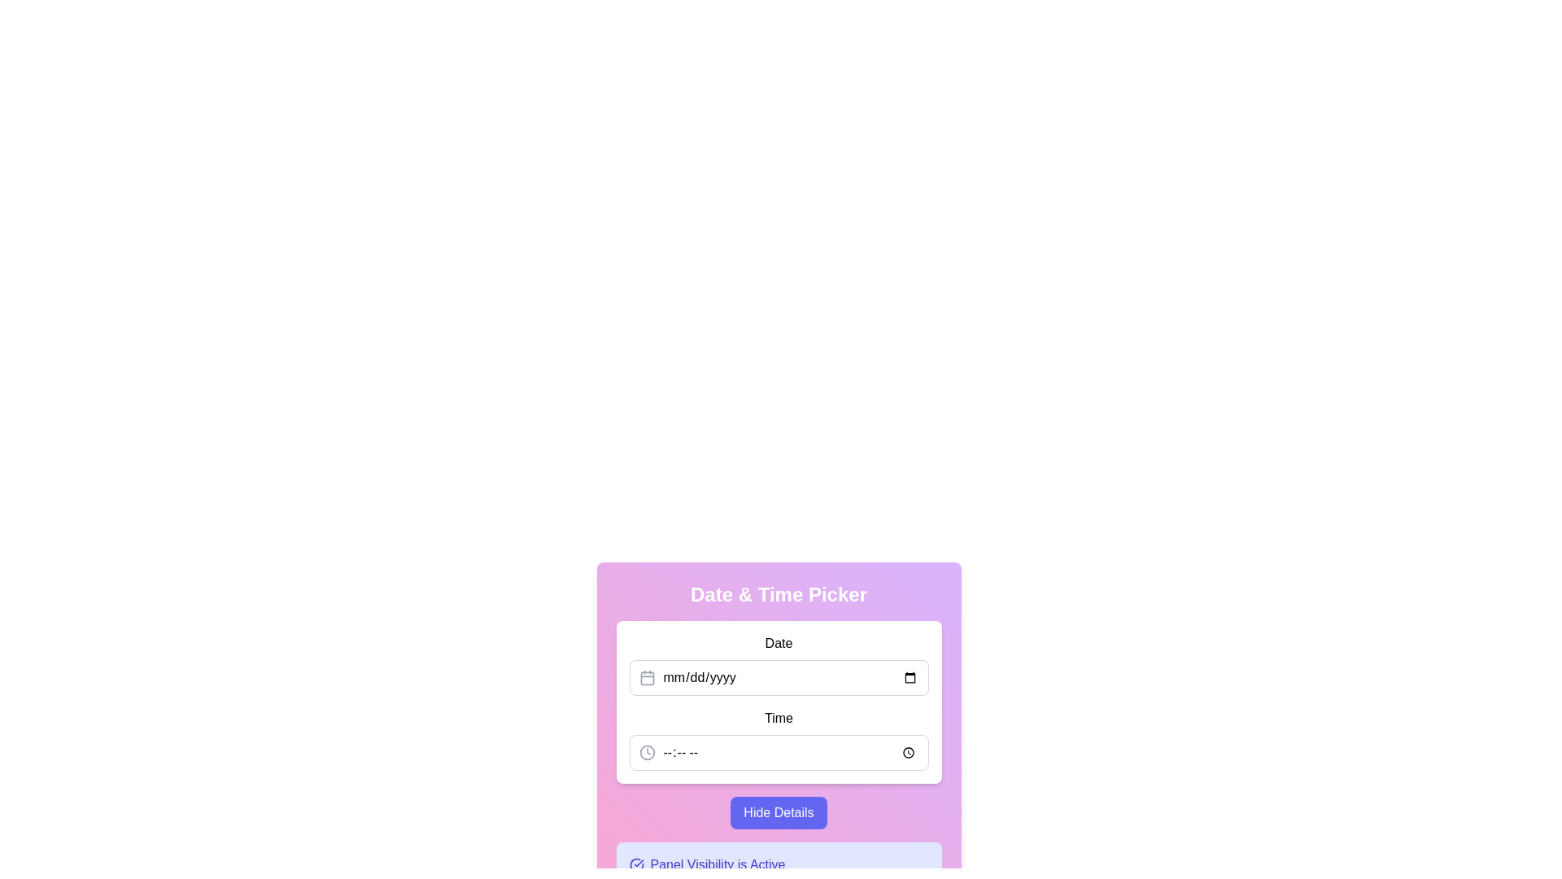 The width and height of the screenshot is (1562, 879). What do you see at coordinates (778, 642) in the screenshot?
I see `the static text label located above the input field for date entry, which indicates the purpose of the adjacent input field` at bounding box center [778, 642].